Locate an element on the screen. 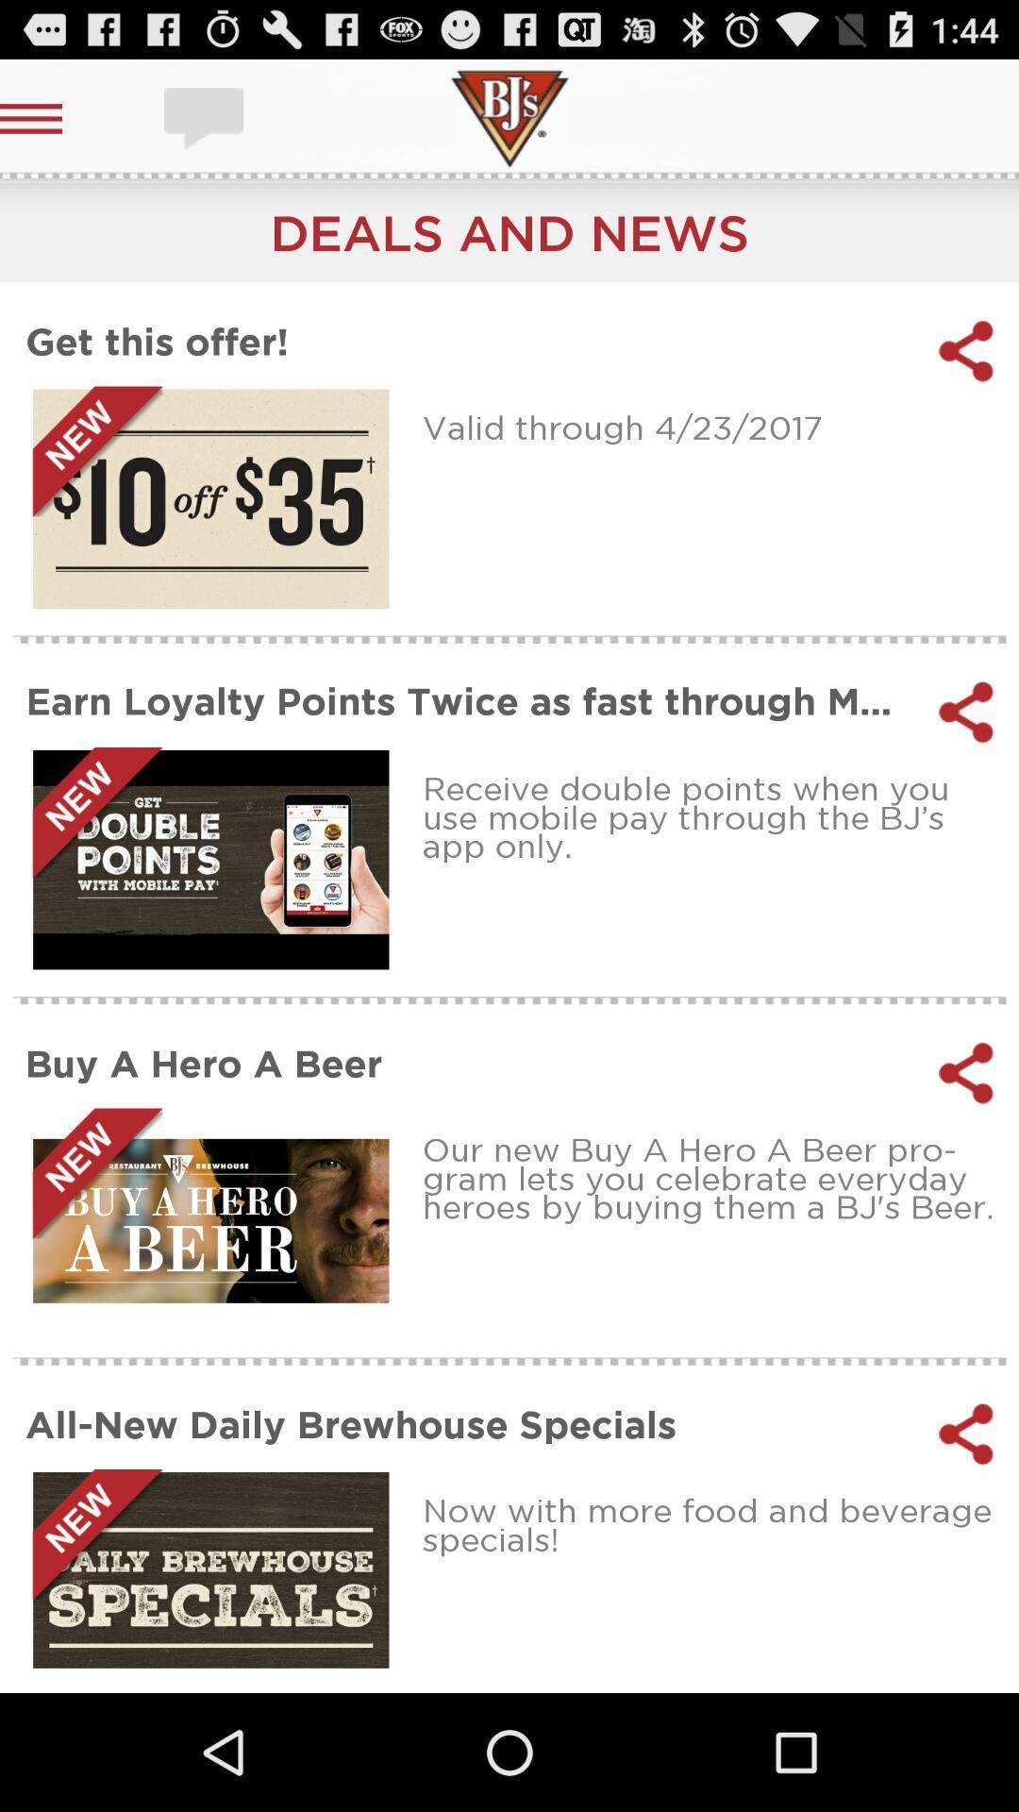 The height and width of the screenshot is (1812, 1019). the all new daily icon is located at coordinates (468, 1423).